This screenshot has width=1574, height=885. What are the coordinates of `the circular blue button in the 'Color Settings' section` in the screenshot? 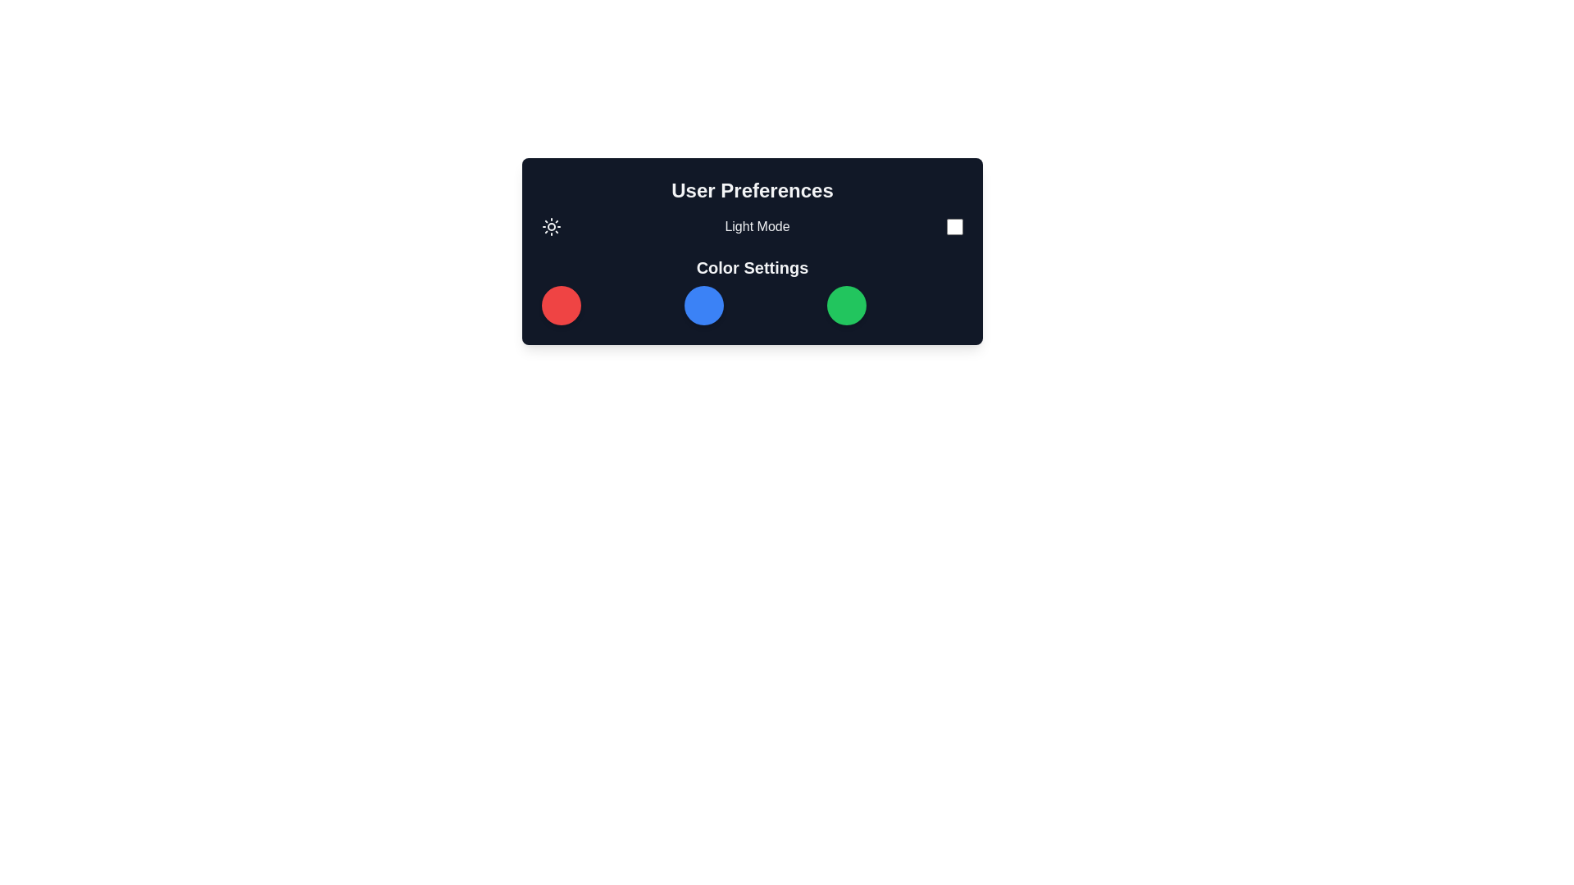 It's located at (704, 306).